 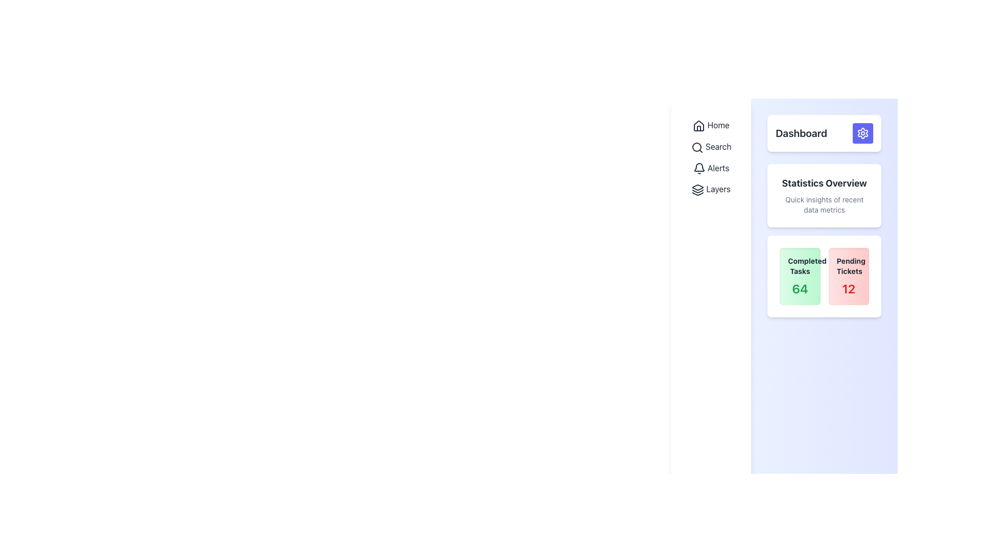 I want to click on the 'Layers' icon located in the navigation bar, which is the first of three graphical layer shapes adjacent to the 'Layers' label, so click(x=697, y=188).